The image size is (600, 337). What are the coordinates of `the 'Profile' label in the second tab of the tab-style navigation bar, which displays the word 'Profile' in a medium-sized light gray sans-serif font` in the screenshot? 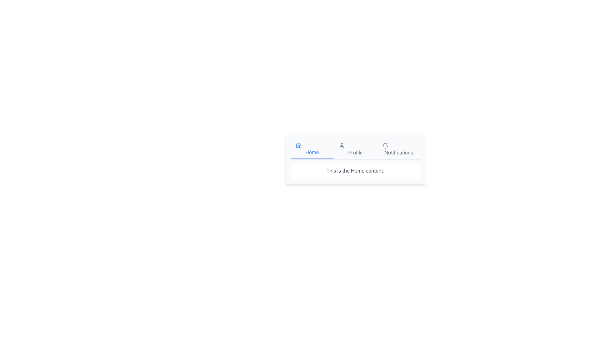 It's located at (355, 153).